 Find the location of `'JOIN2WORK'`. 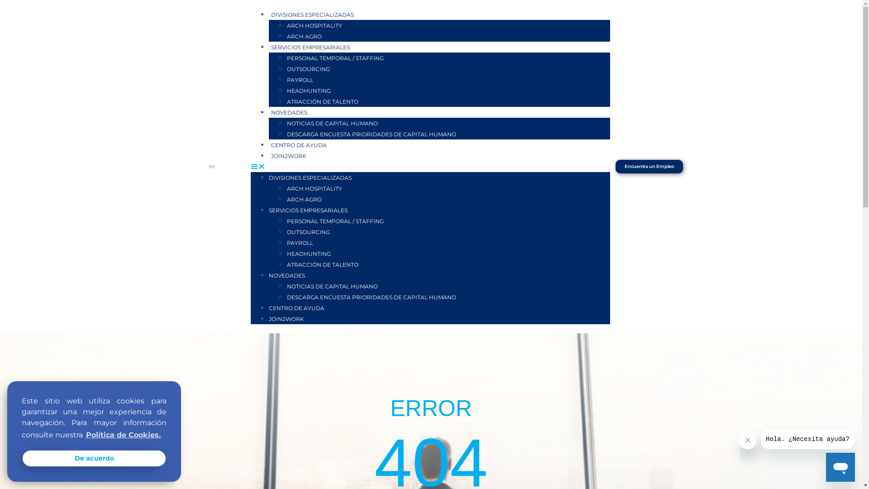

'JOIN2WORK' is located at coordinates (286, 318).